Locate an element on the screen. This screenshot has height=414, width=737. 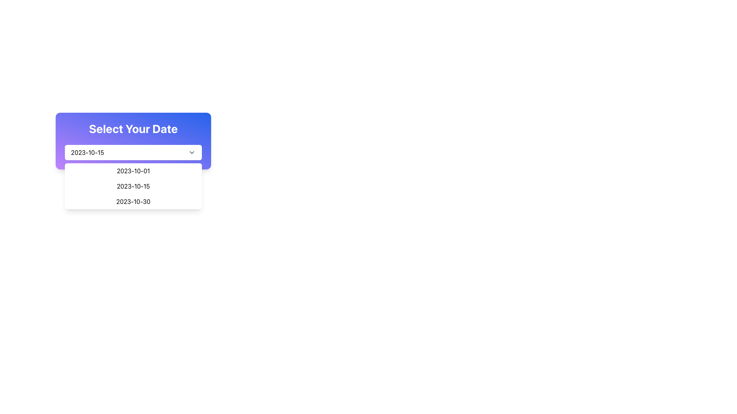
the dropdown menu labeled '2023-10-15' is located at coordinates (133, 152).